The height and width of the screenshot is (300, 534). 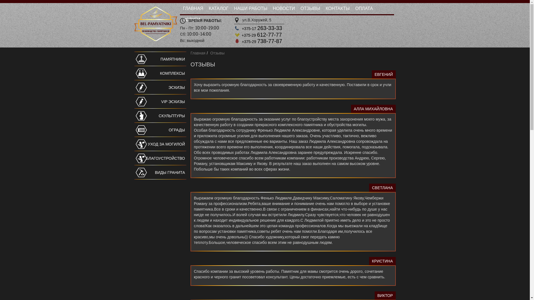 I want to click on '+375-29 738-77-87', so click(x=261, y=41).